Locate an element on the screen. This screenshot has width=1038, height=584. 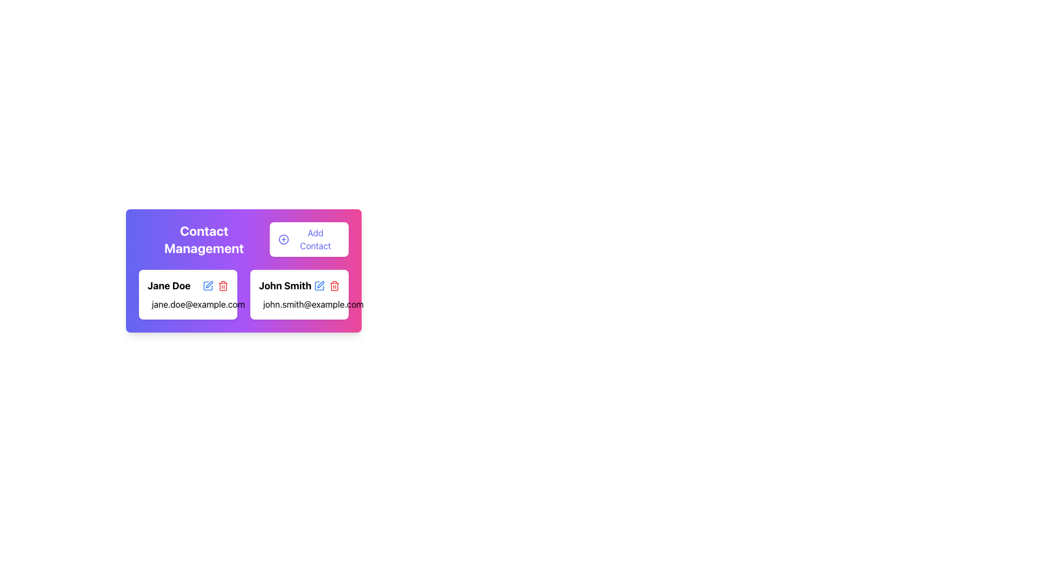
the static text label representing the name of a contact in the contact management interface is located at coordinates (168, 285).